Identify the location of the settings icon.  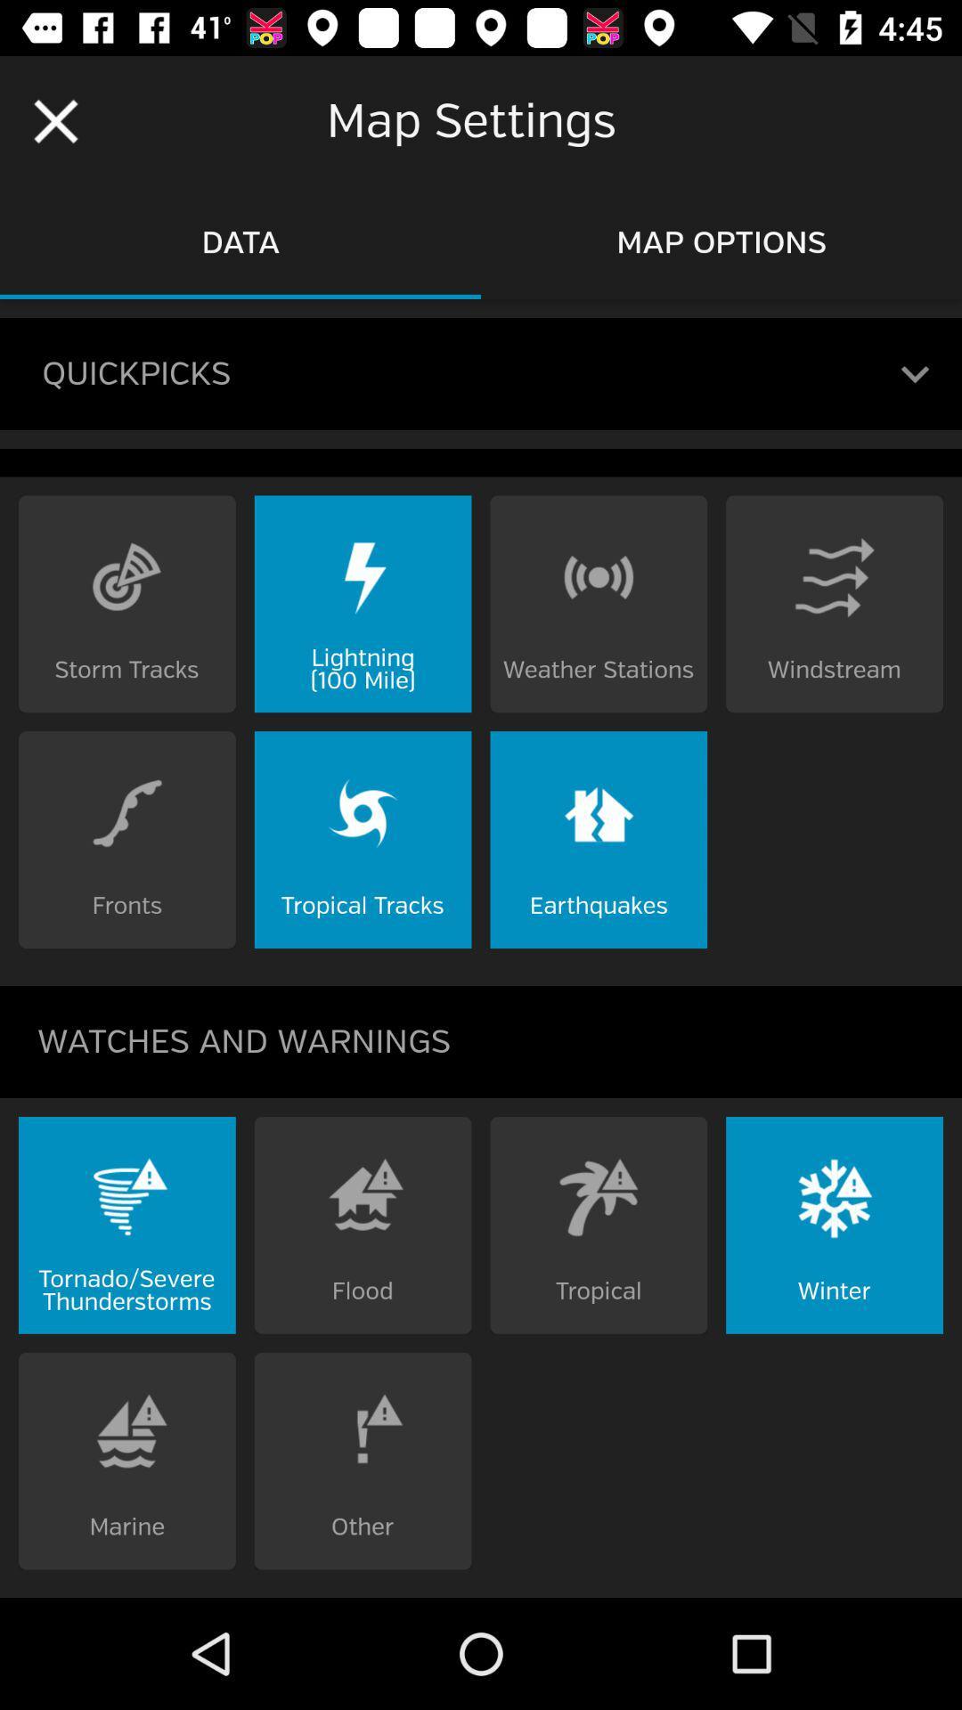
(876, 1262).